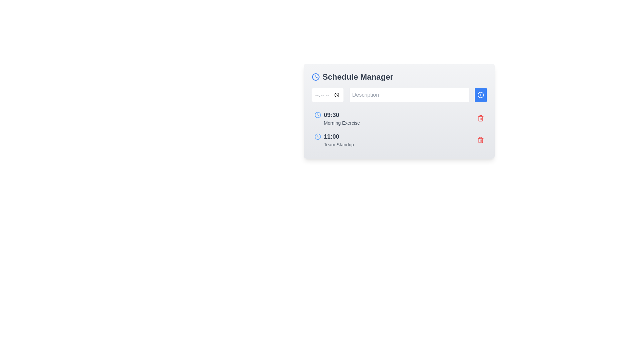 The height and width of the screenshot is (360, 641). What do you see at coordinates (337, 118) in the screenshot?
I see `the text element displaying 'Morning Exercise' at 09:30 AM, which is the second item in the schedule list under 'Schedule Manager'` at bounding box center [337, 118].